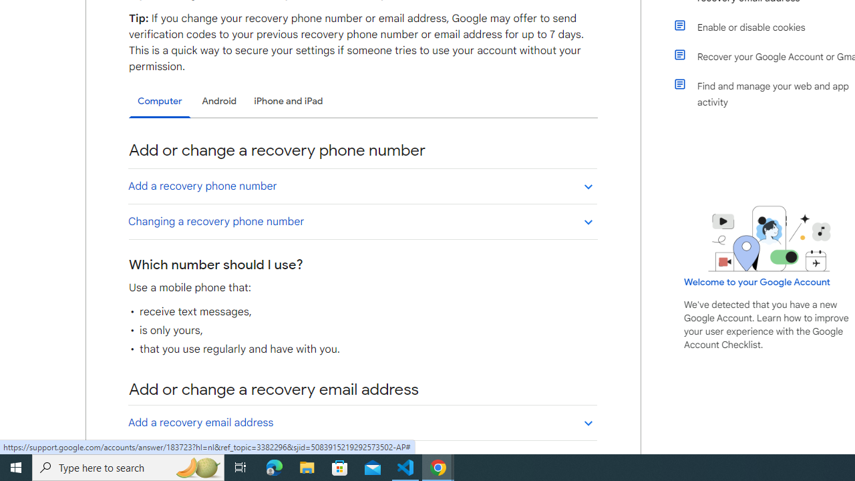 The height and width of the screenshot is (481, 855). I want to click on 'Add a recovery phone number', so click(362, 186).